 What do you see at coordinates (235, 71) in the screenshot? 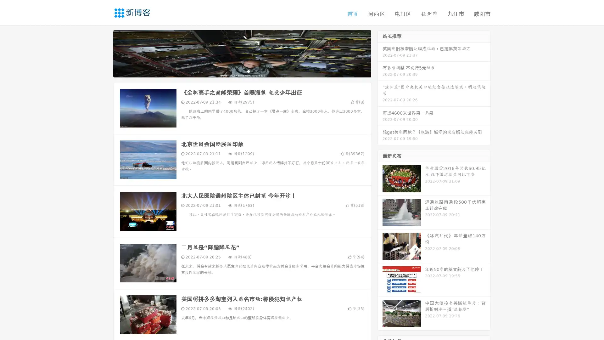
I see `Go to slide 1` at bounding box center [235, 71].